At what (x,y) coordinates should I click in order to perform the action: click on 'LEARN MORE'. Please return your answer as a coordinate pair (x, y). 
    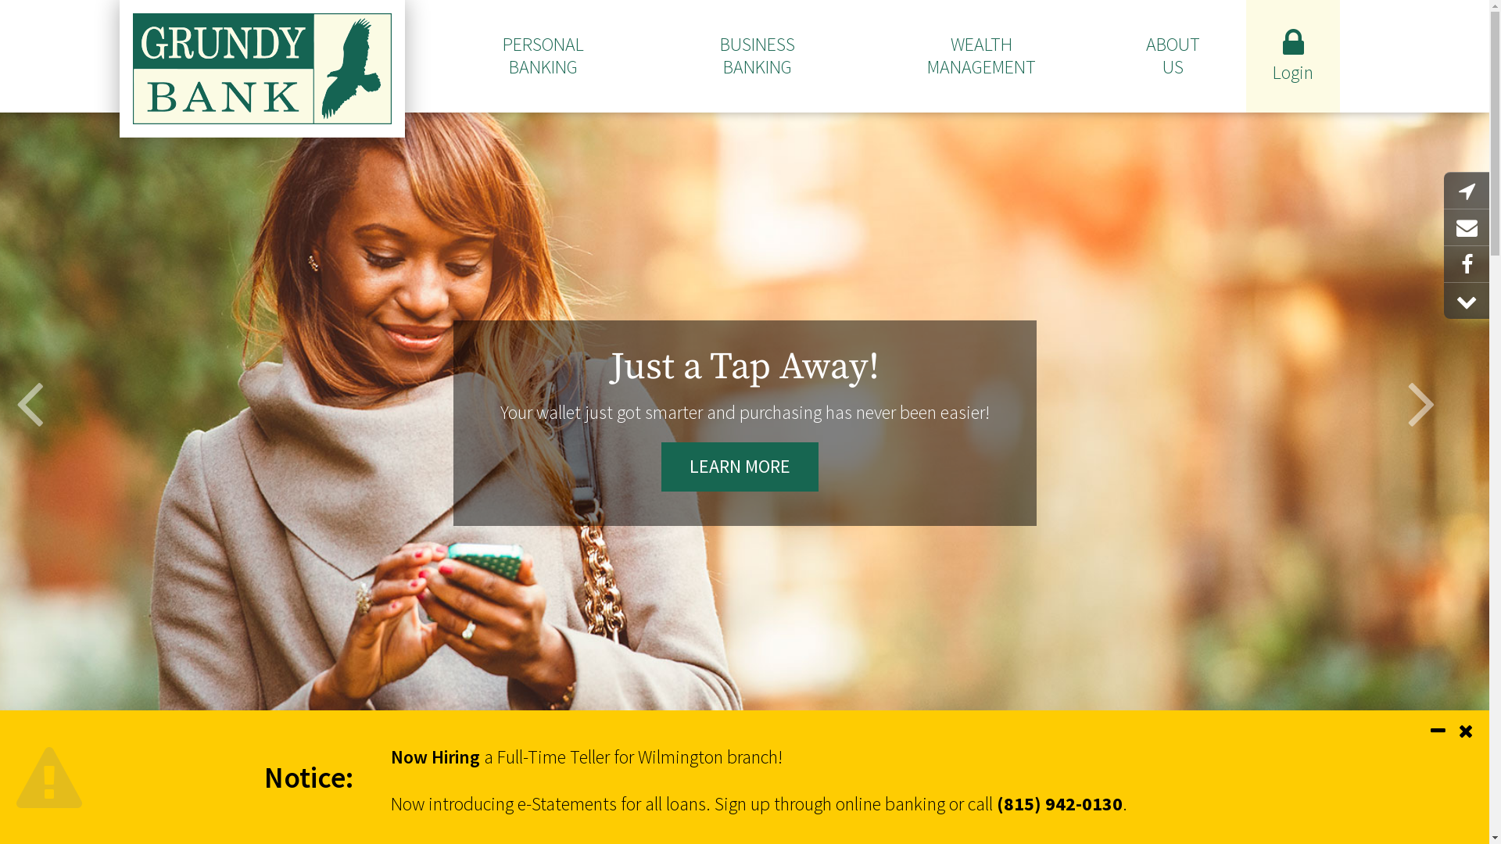
    Looking at the image, I should click on (739, 466).